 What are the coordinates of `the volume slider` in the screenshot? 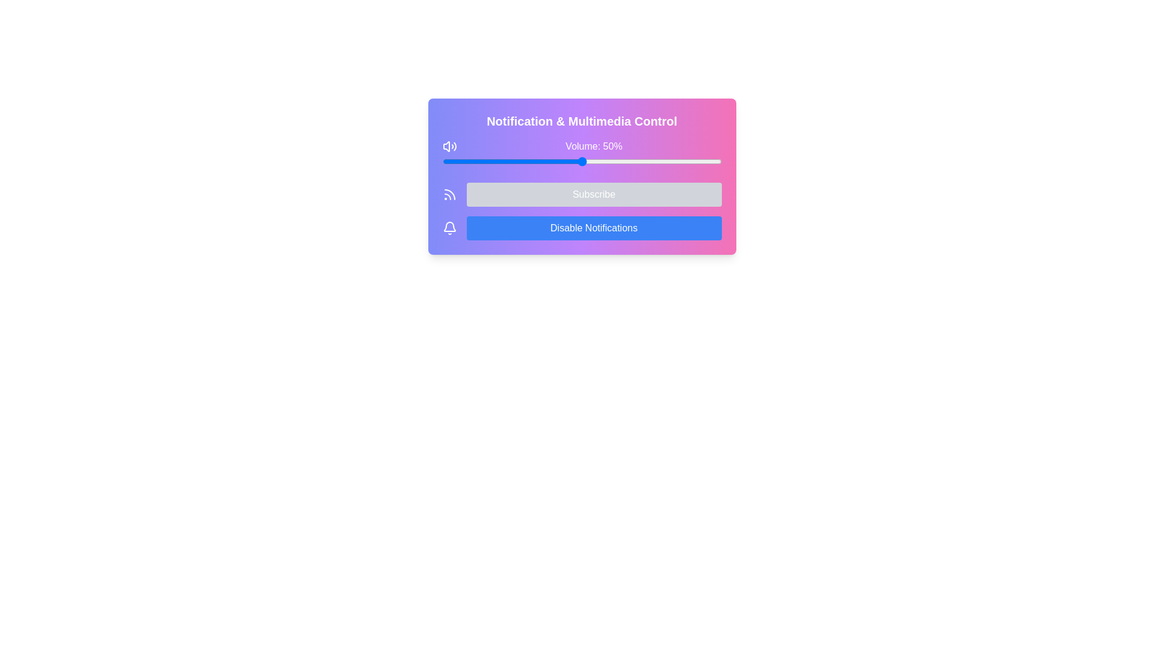 It's located at (515, 161).